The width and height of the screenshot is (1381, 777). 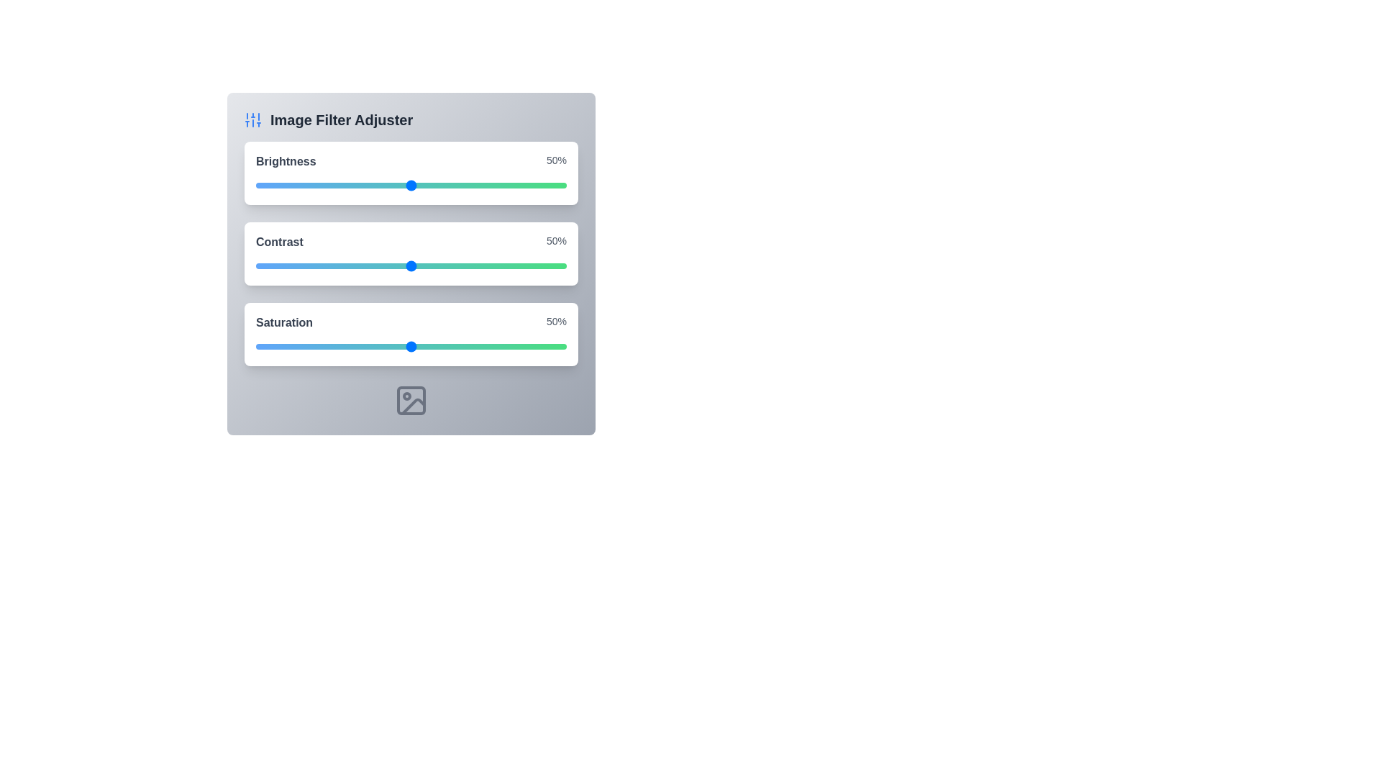 What do you see at coordinates (374, 185) in the screenshot?
I see `the brightness slider to 38%` at bounding box center [374, 185].